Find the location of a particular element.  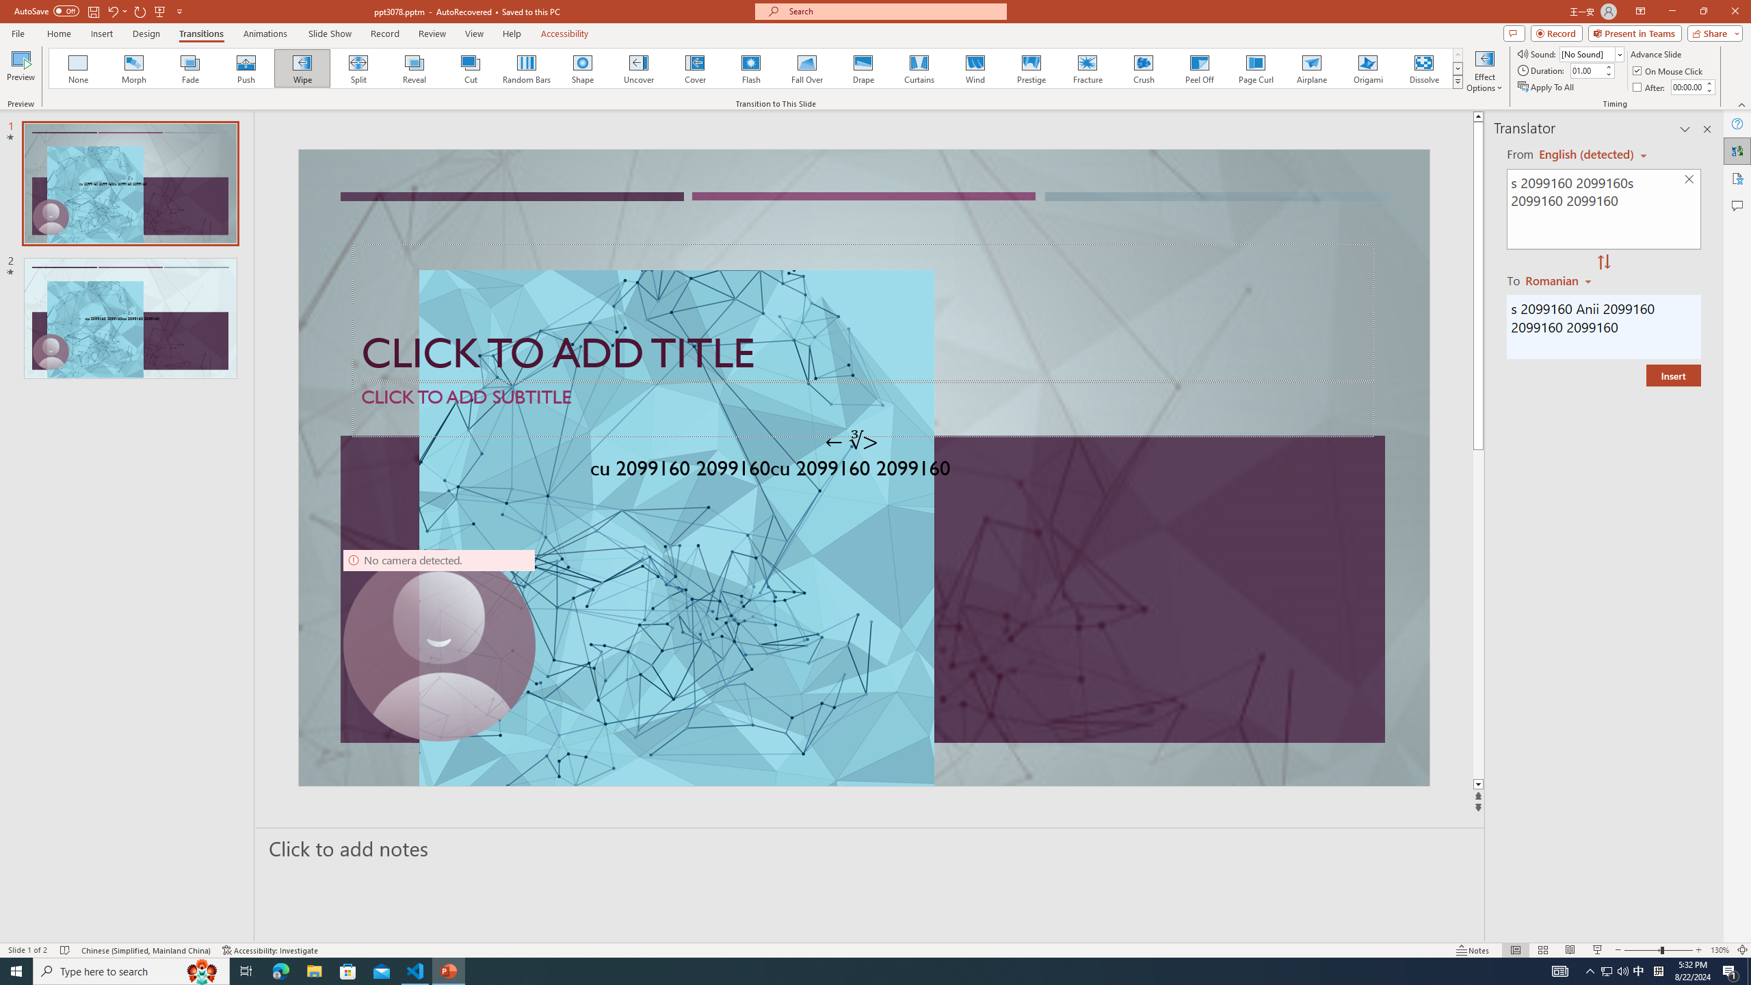

'Clear text' is located at coordinates (1689, 180).